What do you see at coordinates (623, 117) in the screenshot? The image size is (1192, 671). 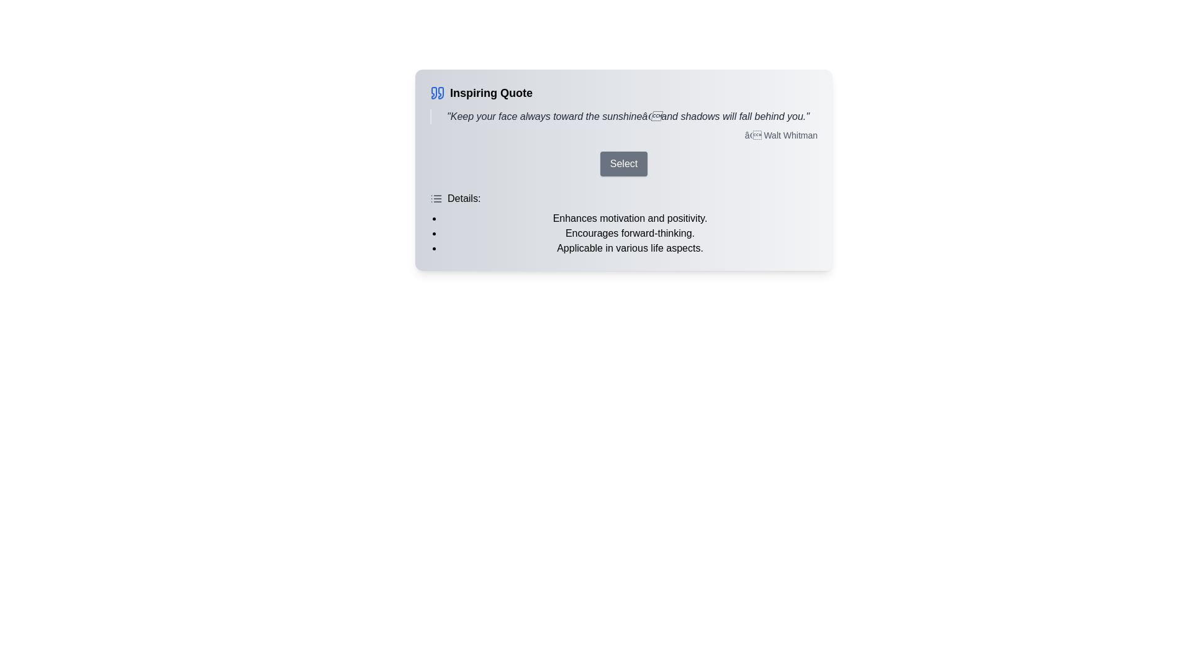 I see `quote displayed in italics: '"Keep your face always toward the sunshineâ€”and shadows will fall behind you."' located in a bordered area beneath the title 'Inspiring Quote'` at bounding box center [623, 117].